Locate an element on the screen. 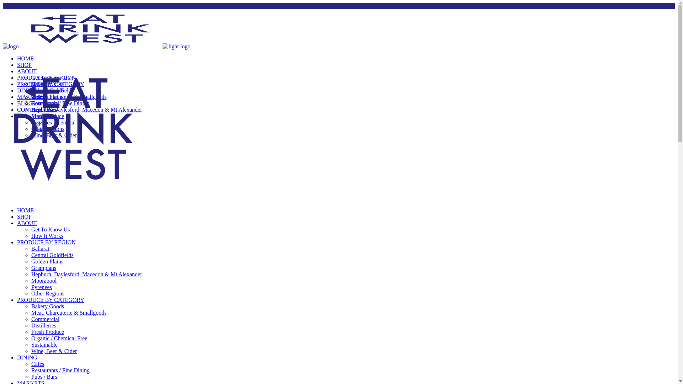  'DINING' is located at coordinates (27, 357).